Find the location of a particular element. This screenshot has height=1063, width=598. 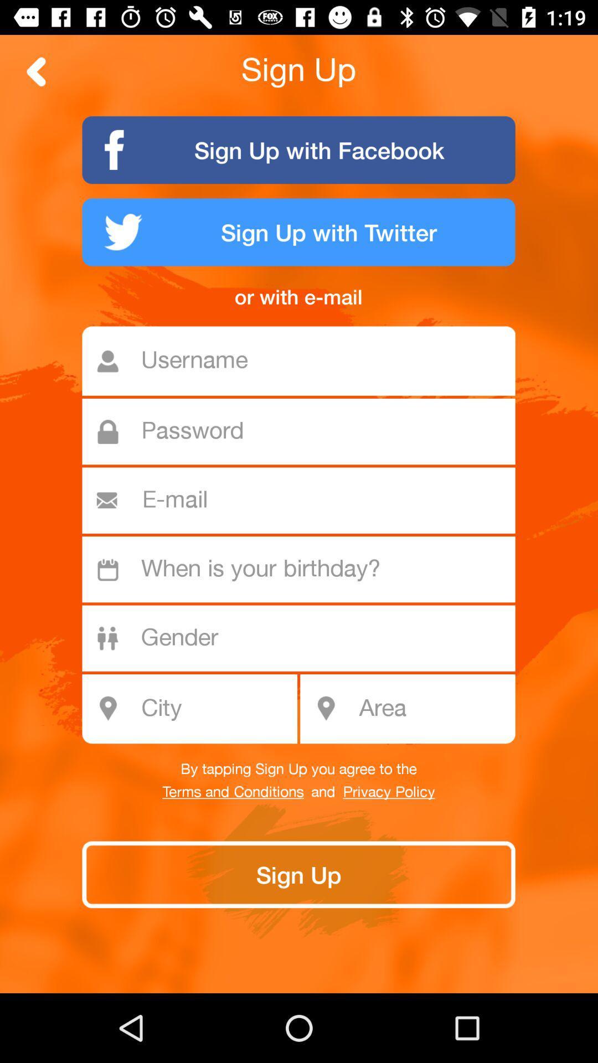

write city is located at coordinates (195, 709).